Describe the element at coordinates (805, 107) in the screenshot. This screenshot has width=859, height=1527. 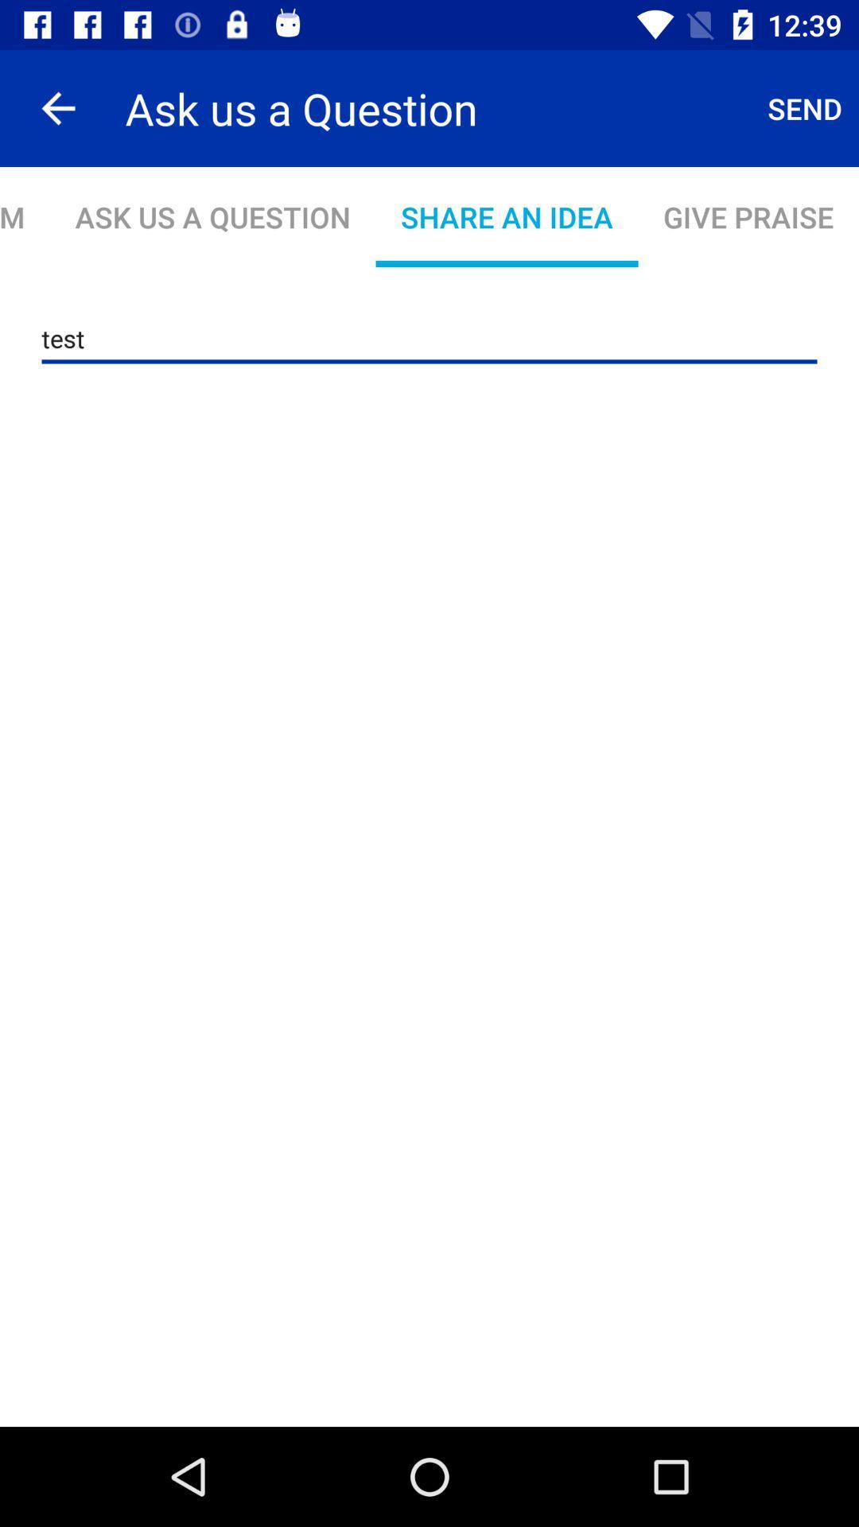
I see `the item to the right of ask us a icon` at that location.